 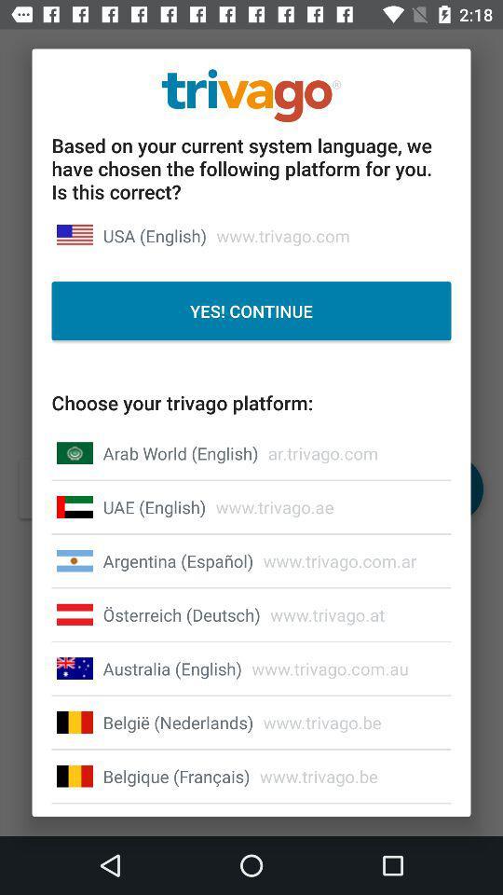 I want to click on the item below australia (english), so click(x=178, y=722).